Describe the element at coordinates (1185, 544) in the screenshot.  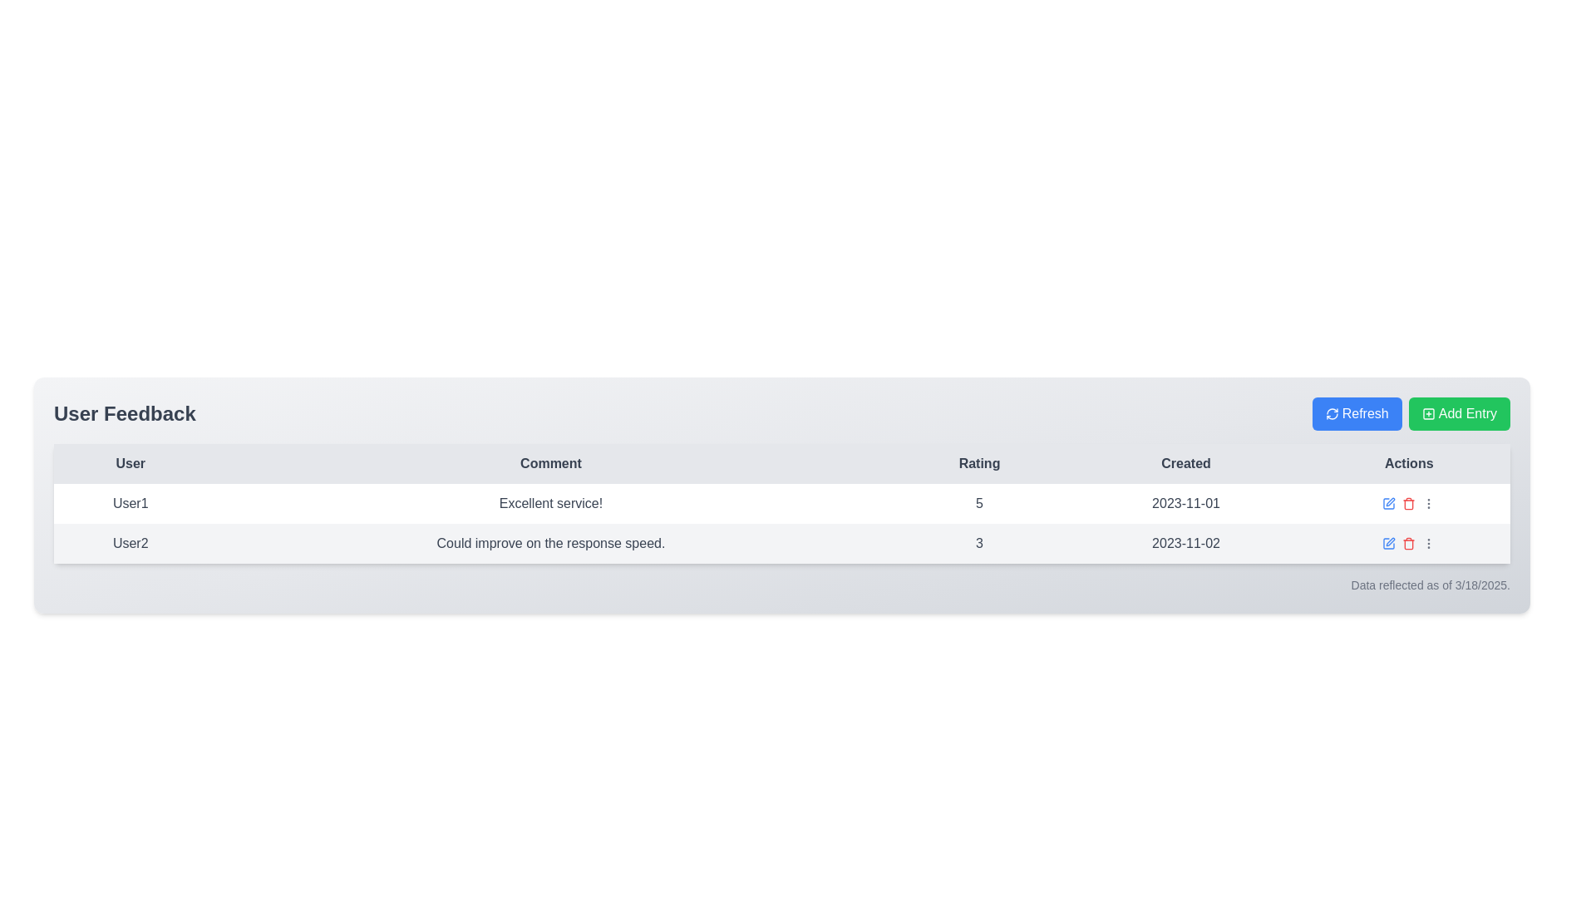
I see `the static text displaying '2023-11-02' located in the 'Created' column of the second row in the user feedback table for user 'User2'` at that location.